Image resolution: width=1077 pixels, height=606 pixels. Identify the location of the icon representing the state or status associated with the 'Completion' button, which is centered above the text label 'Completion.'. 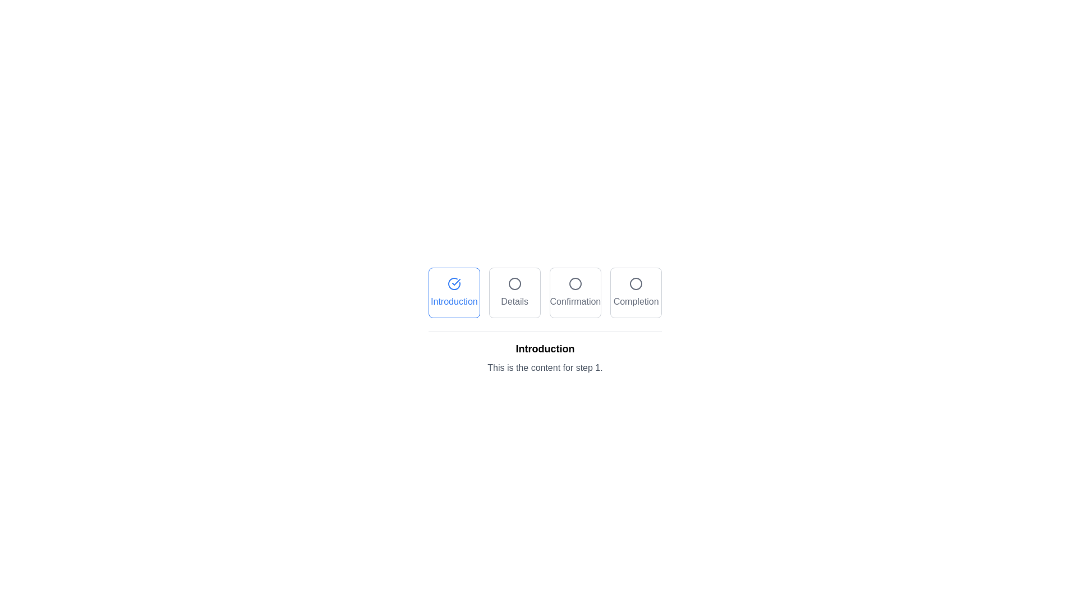
(636, 283).